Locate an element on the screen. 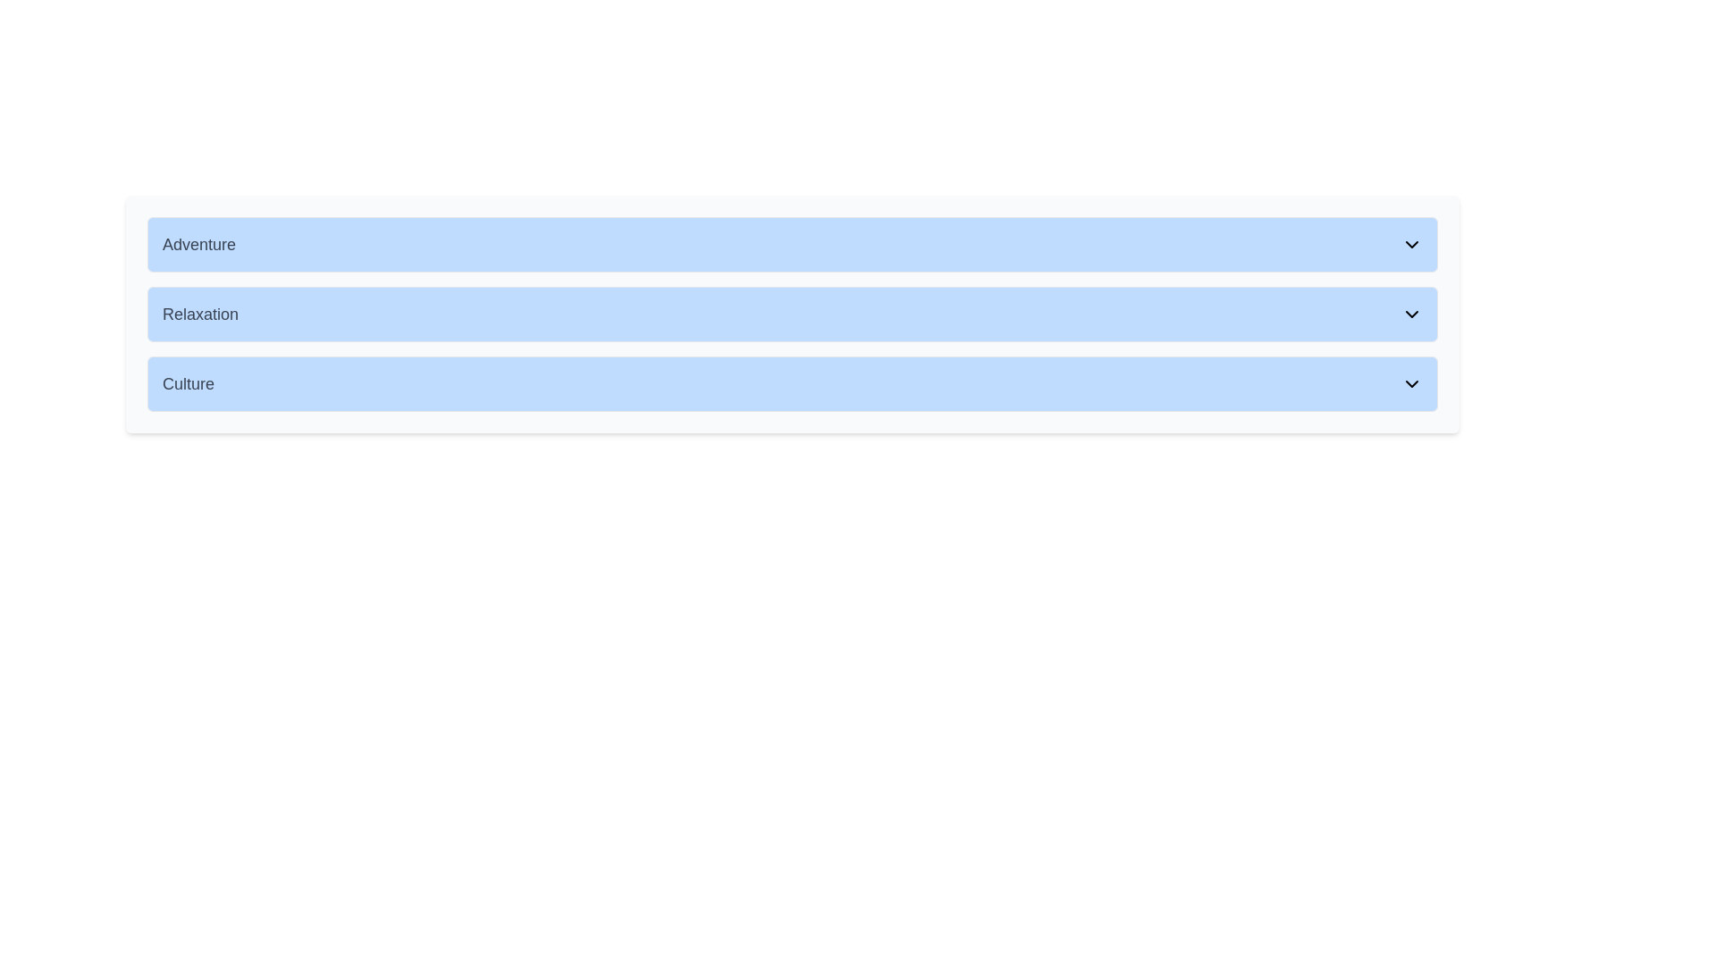 The width and height of the screenshot is (1716, 965). the decorative vector graphic or icon representation located at the far right of the 'Culture' section is located at coordinates (1397, 377).